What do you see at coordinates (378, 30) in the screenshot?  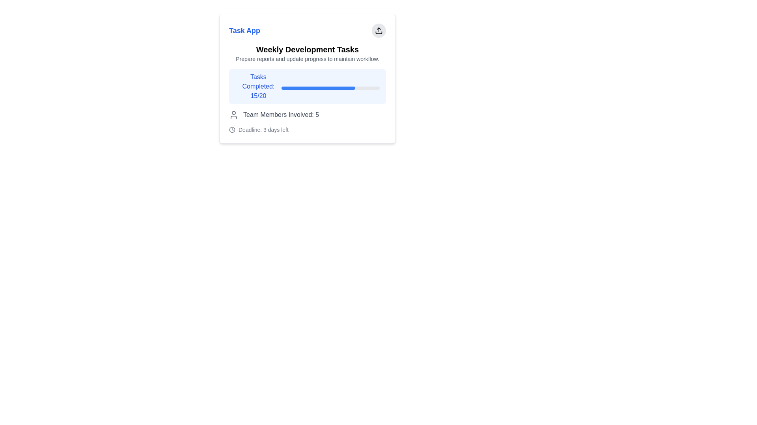 I see `the Upload Icon located inside the rounded gray button at the top-right corner of the task details widget` at bounding box center [378, 30].